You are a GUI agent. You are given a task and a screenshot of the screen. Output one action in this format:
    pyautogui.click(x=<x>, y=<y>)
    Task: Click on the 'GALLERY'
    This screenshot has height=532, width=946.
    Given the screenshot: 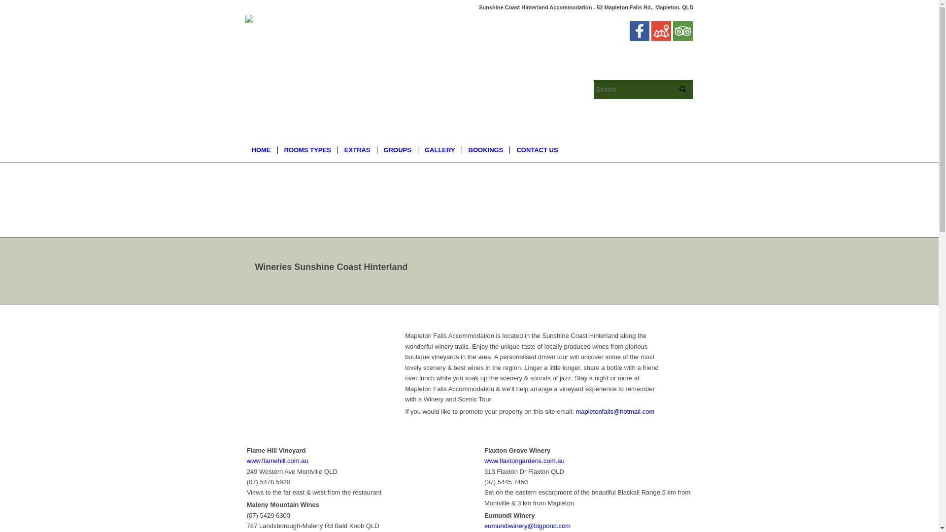 What is the action you would take?
    pyautogui.click(x=439, y=150)
    